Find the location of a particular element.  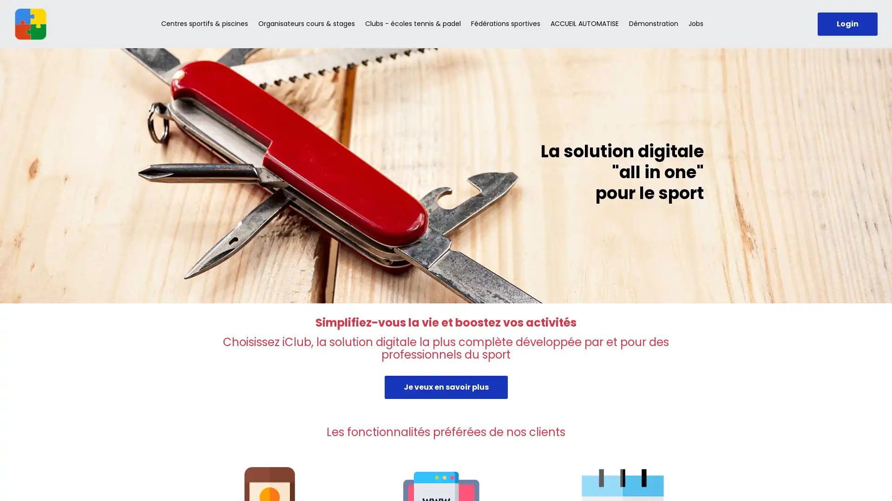

Clubs - ecoles tennis & padel is located at coordinates (412, 23).